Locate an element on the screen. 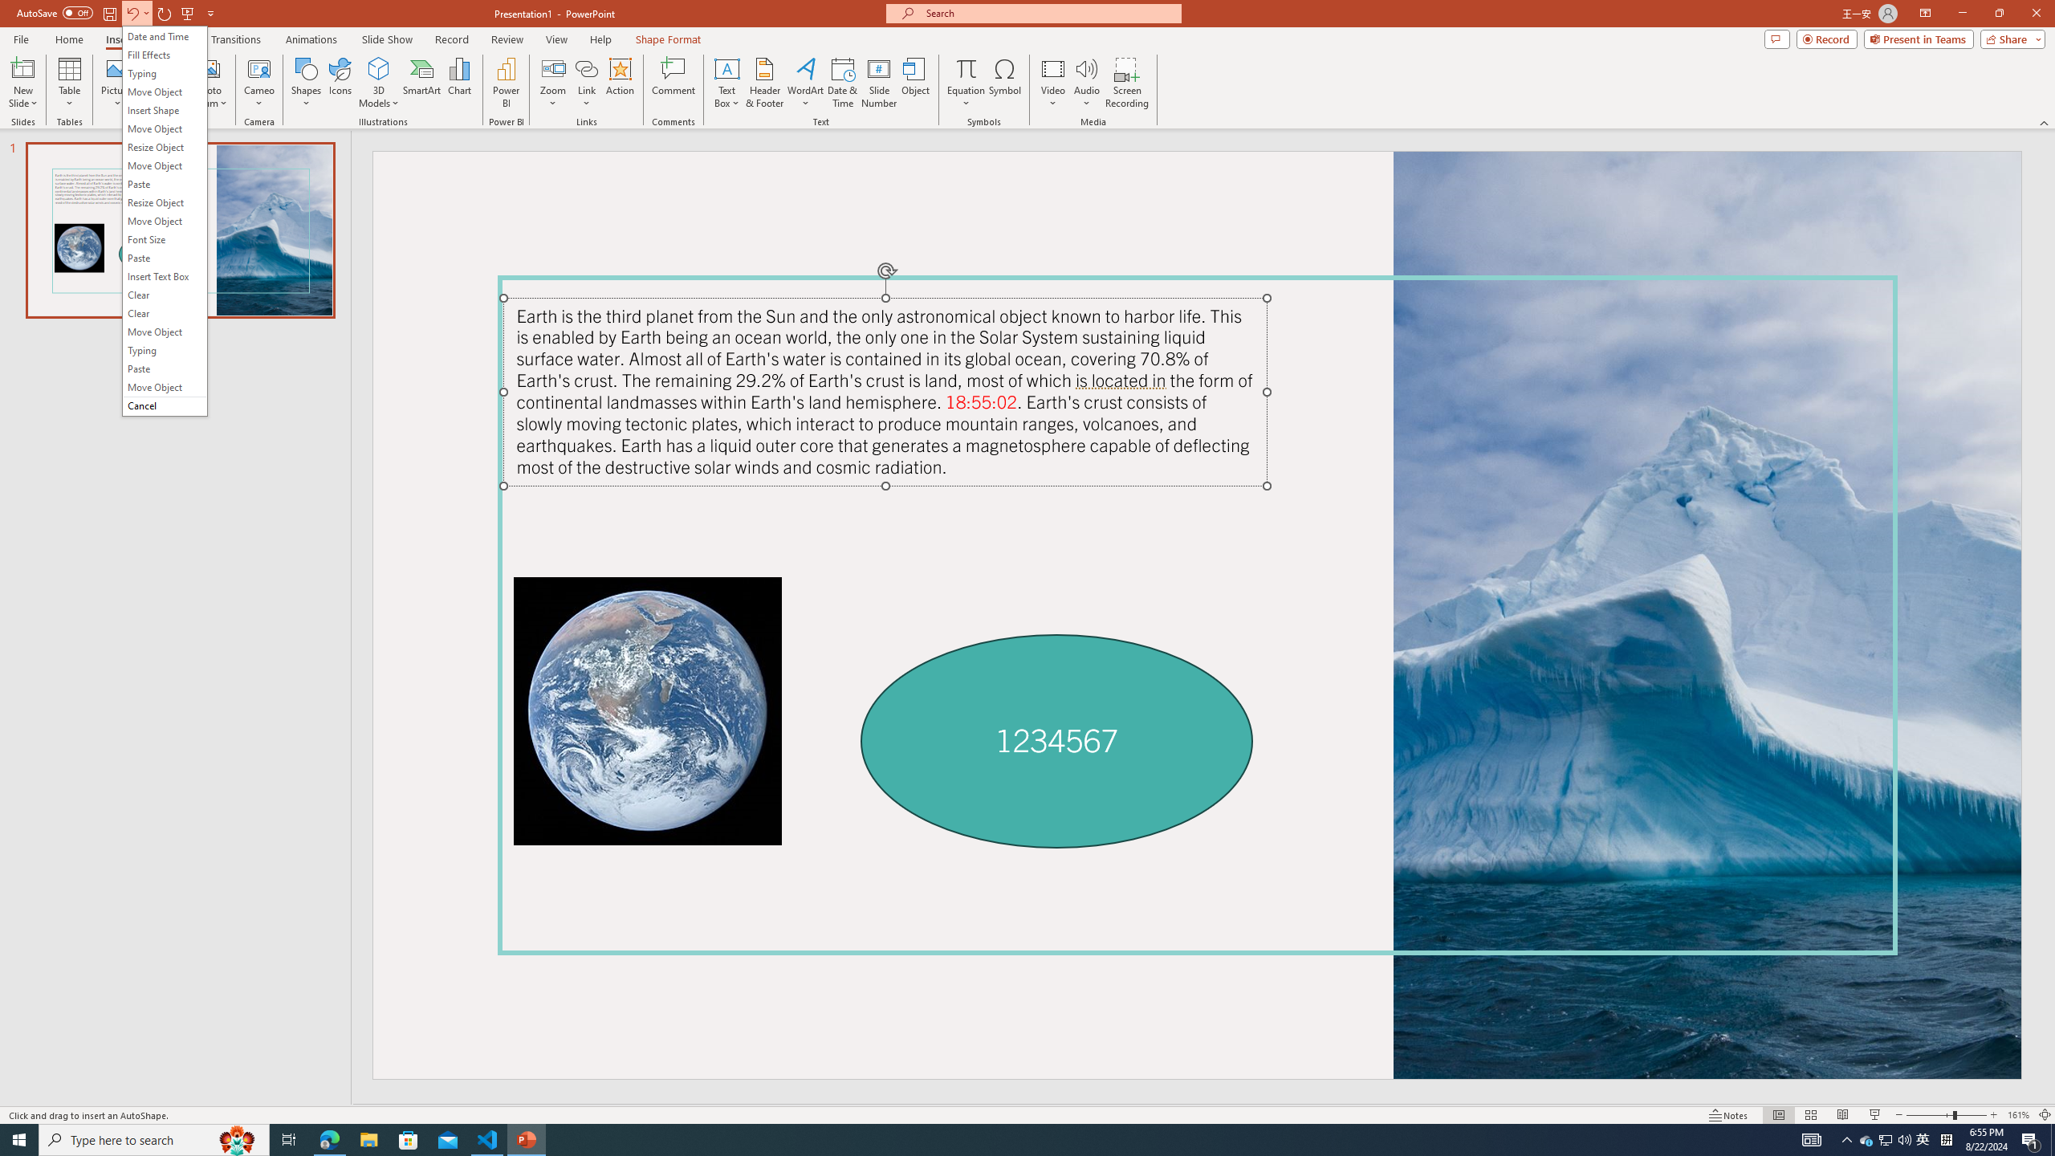 Image resolution: width=2055 pixels, height=1156 pixels. 'Notes ' is located at coordinates (1728, 1115).